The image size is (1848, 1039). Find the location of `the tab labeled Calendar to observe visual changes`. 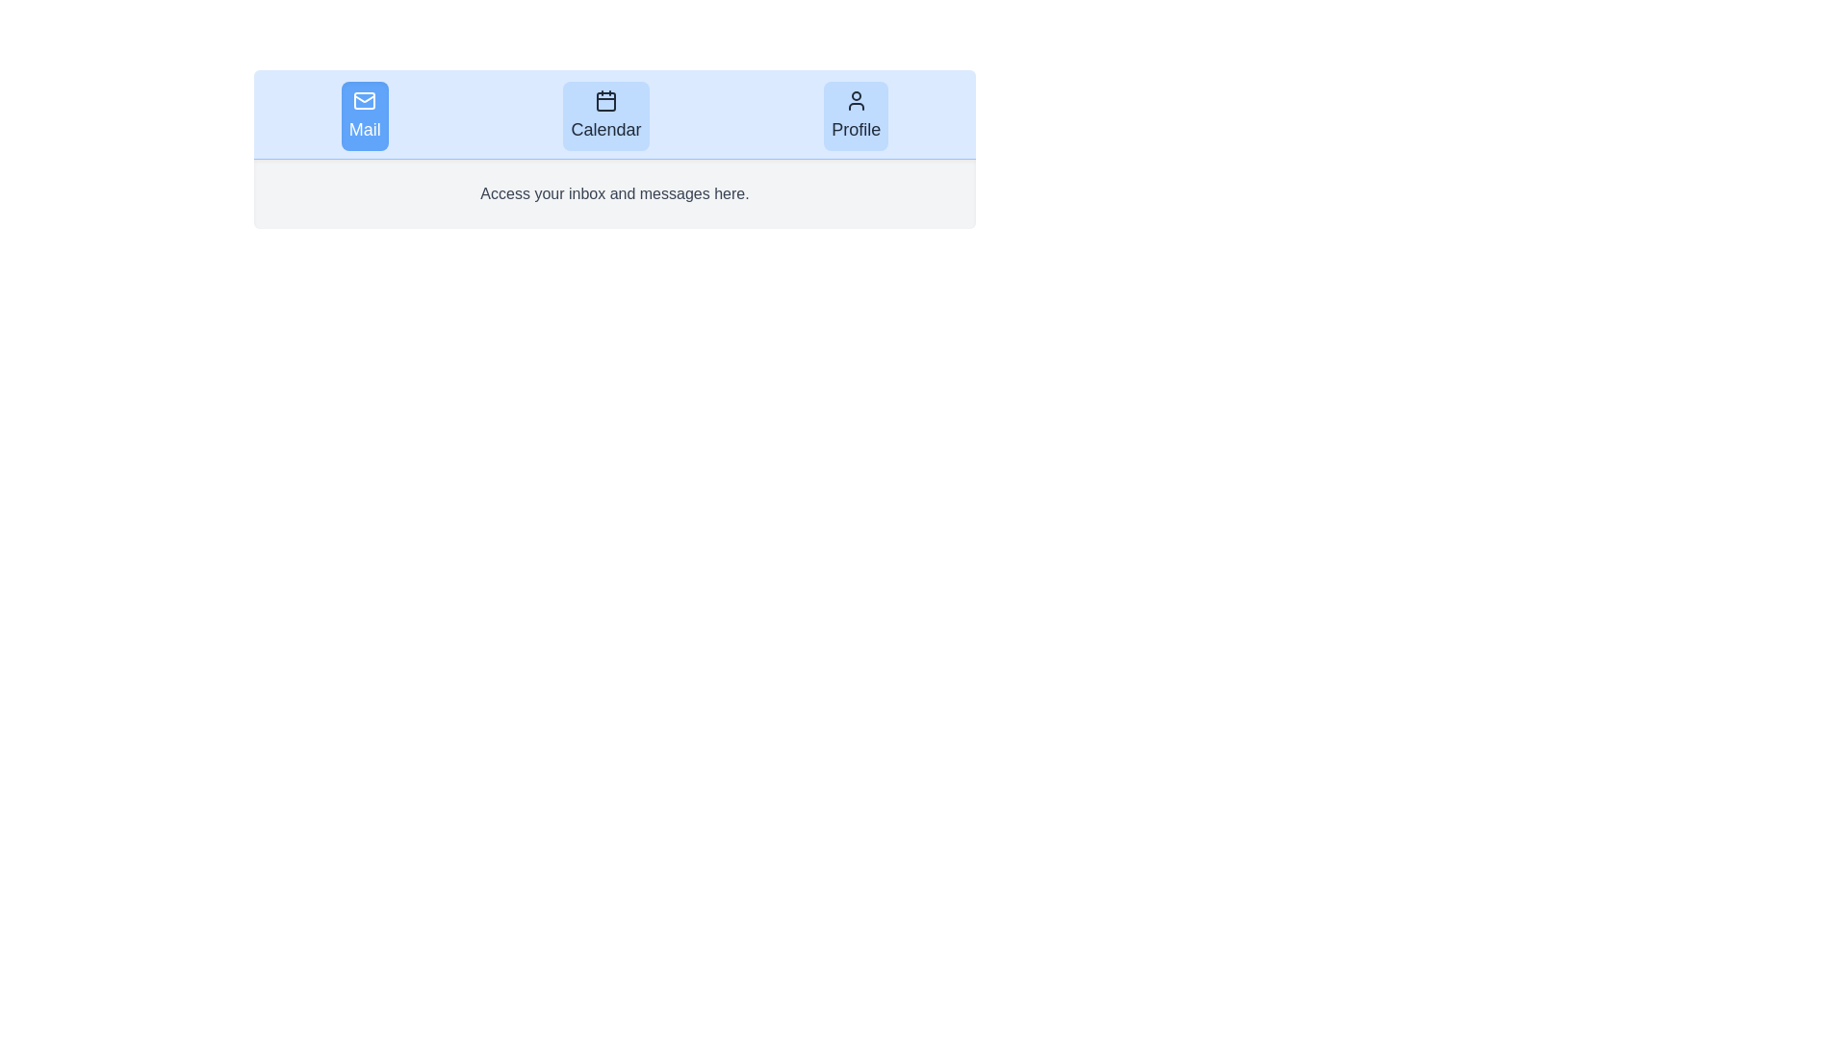

the tab labeled Calendar to observe visual changes is located at coordinates (604, 115).